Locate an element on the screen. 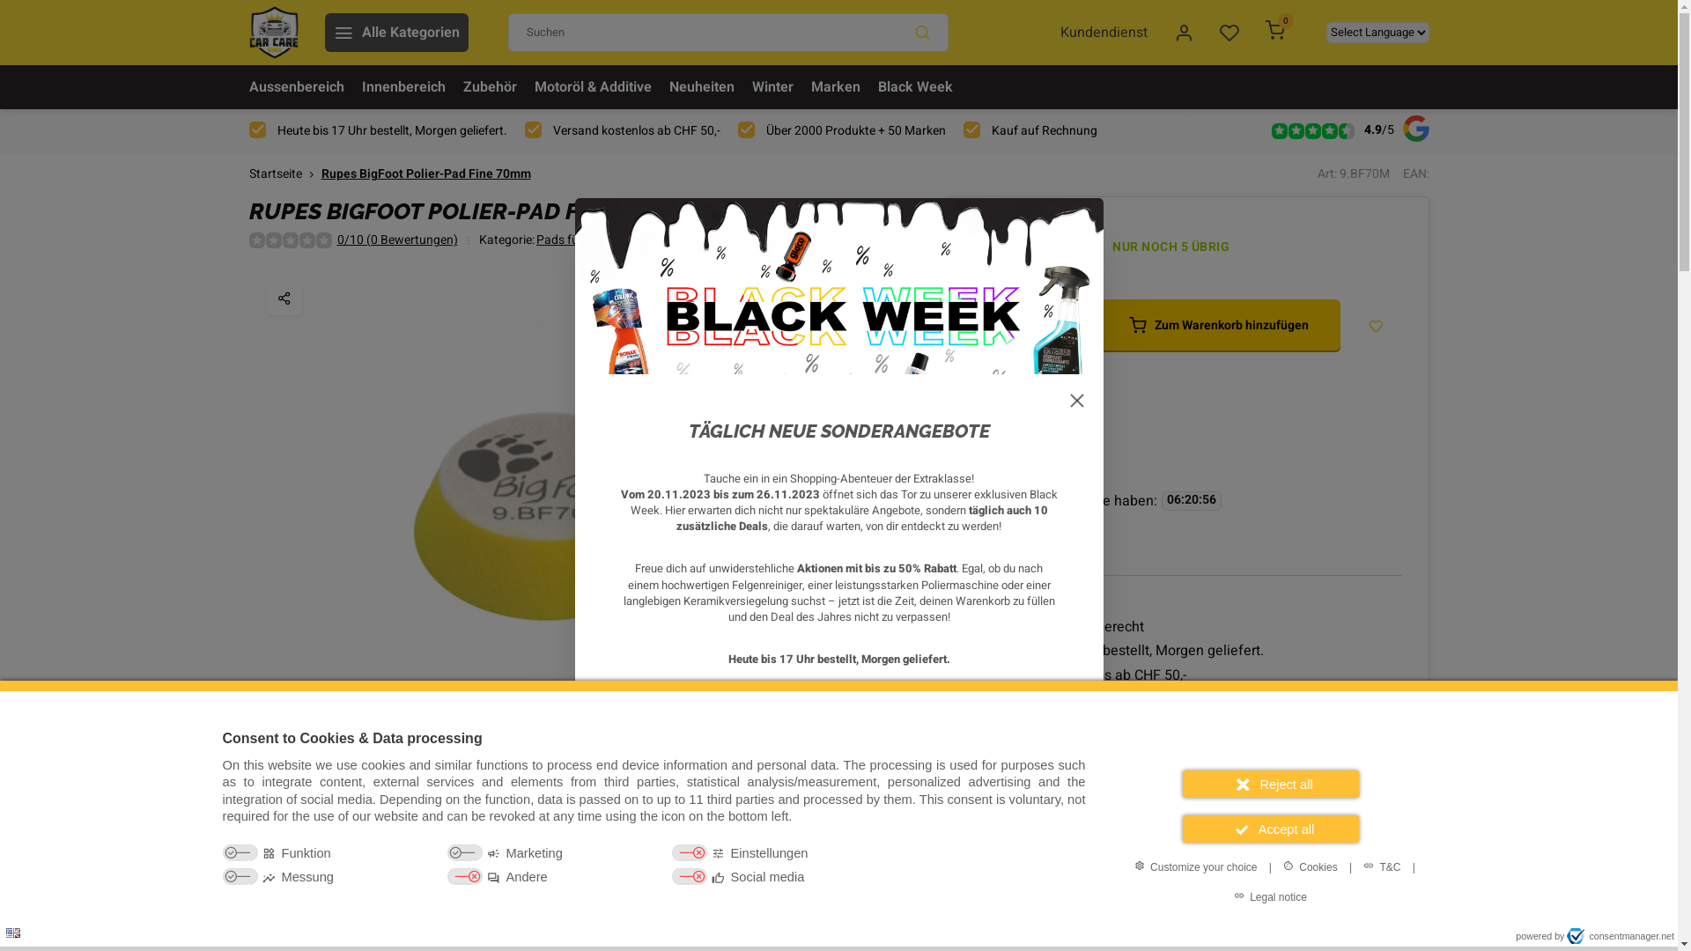  'Reject all' is located at coordinates (1269, 783).